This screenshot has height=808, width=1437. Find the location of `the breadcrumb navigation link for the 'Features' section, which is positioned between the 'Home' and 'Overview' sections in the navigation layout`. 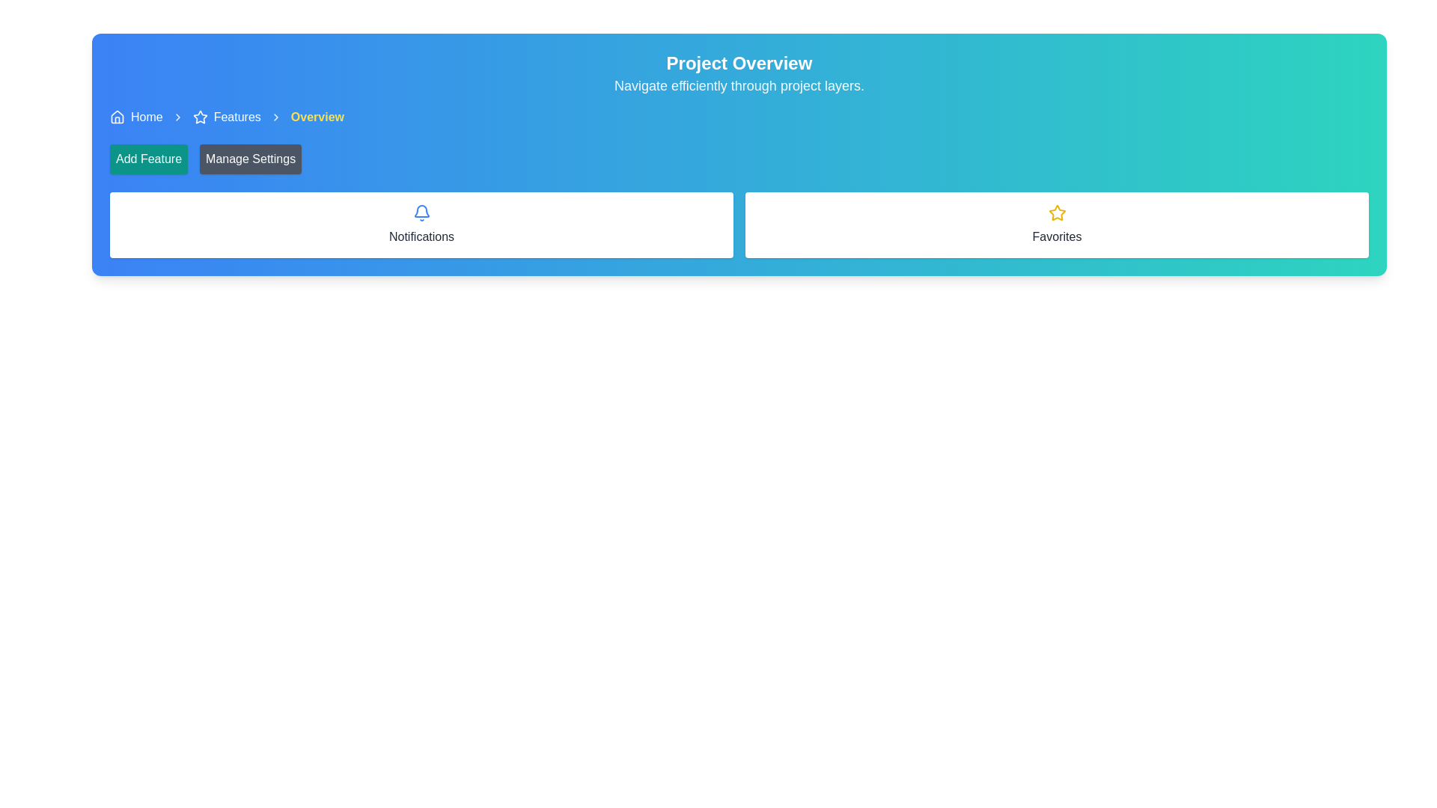

the breadcrumb navigation link for the 'Features' section, which is positioned between the 'Home' and 'Overview' sections in the navigation layout is located at coordinates (226, 117).